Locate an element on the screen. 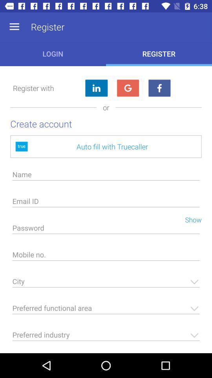 Image resolution: width=212 pixels, height=378 pixels. the icon above or item is located at coordinates (128, 88).